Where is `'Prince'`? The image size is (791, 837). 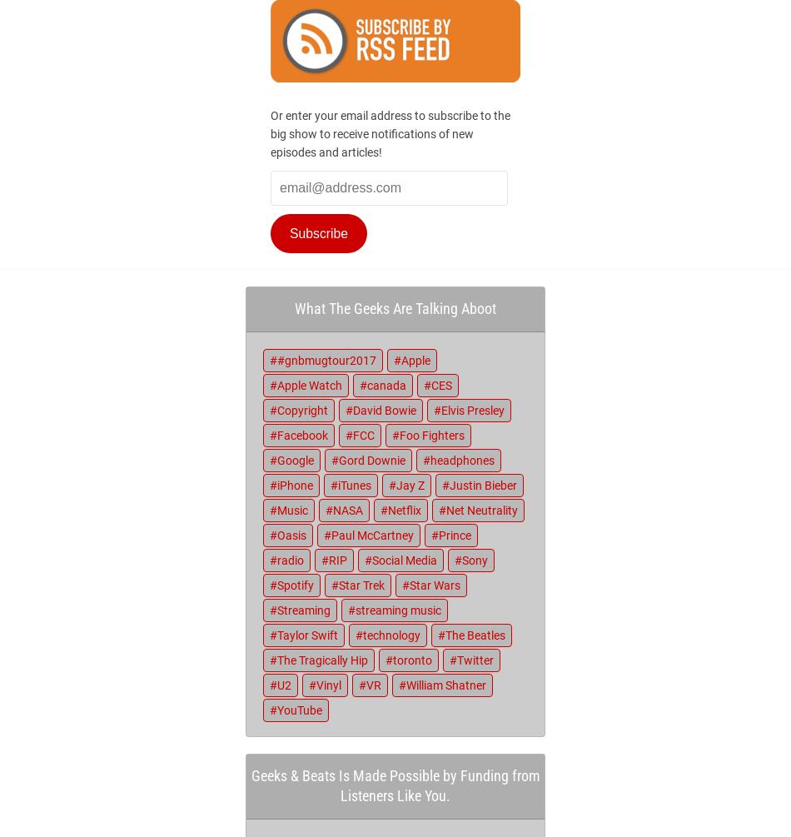
'Prince' is located at coordinates (455, 534).